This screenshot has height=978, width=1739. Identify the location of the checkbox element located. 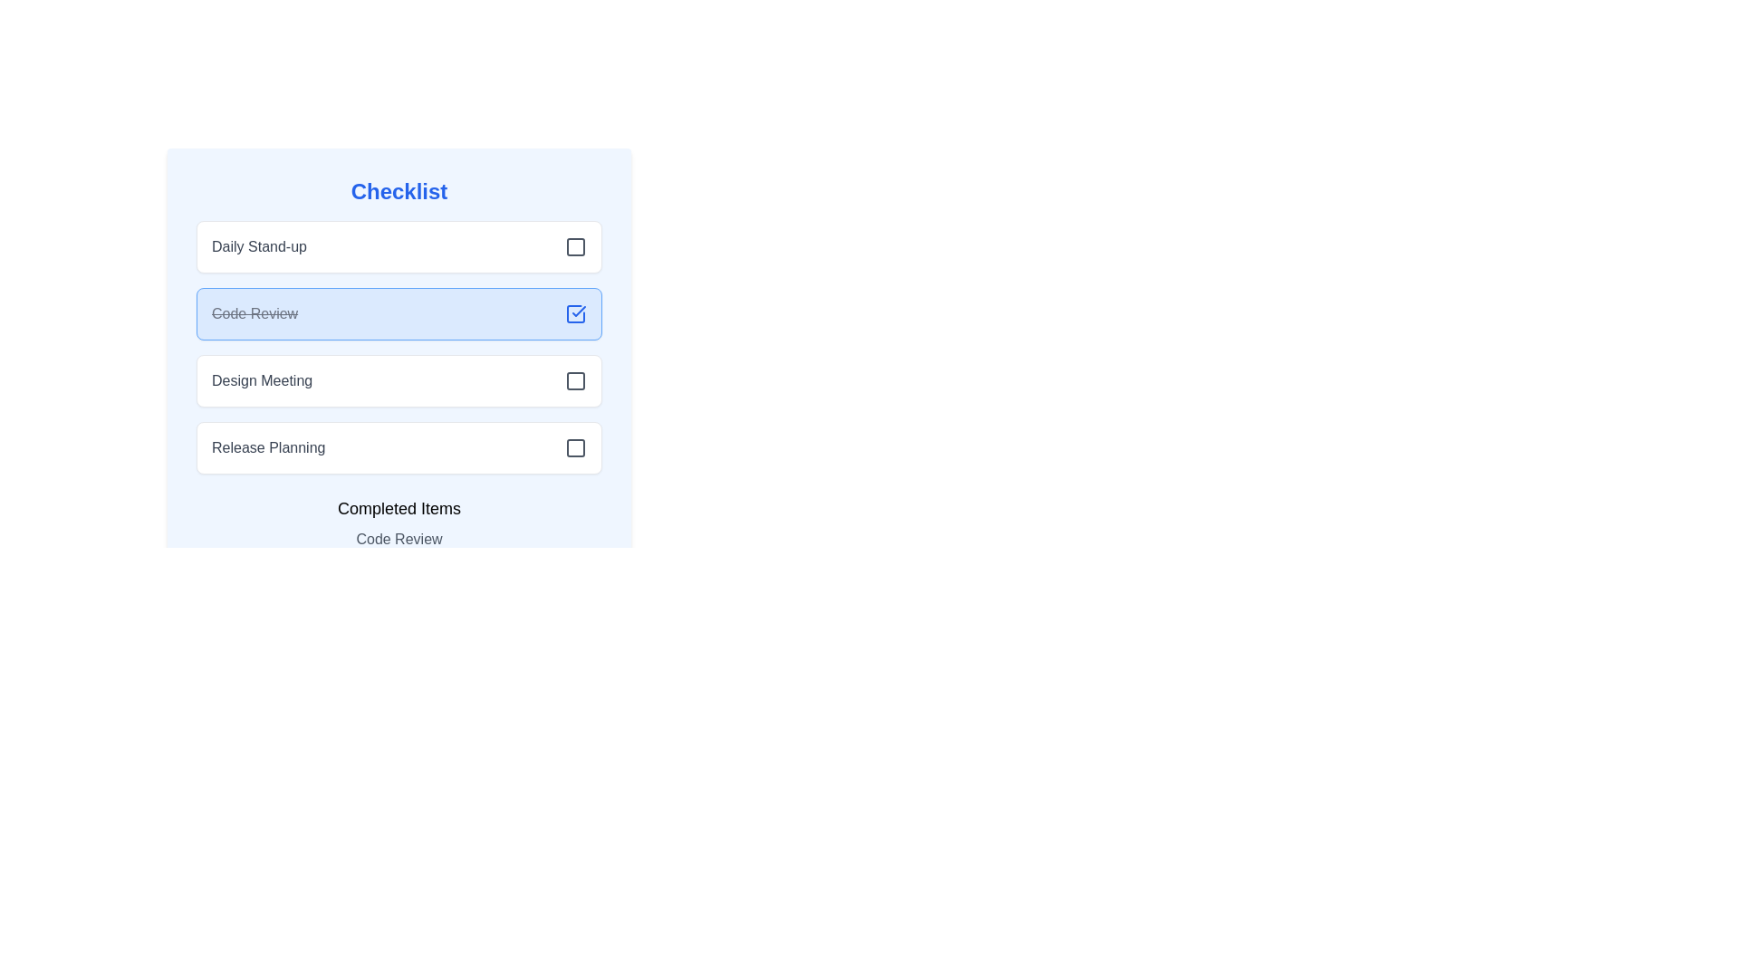
(574, 379).